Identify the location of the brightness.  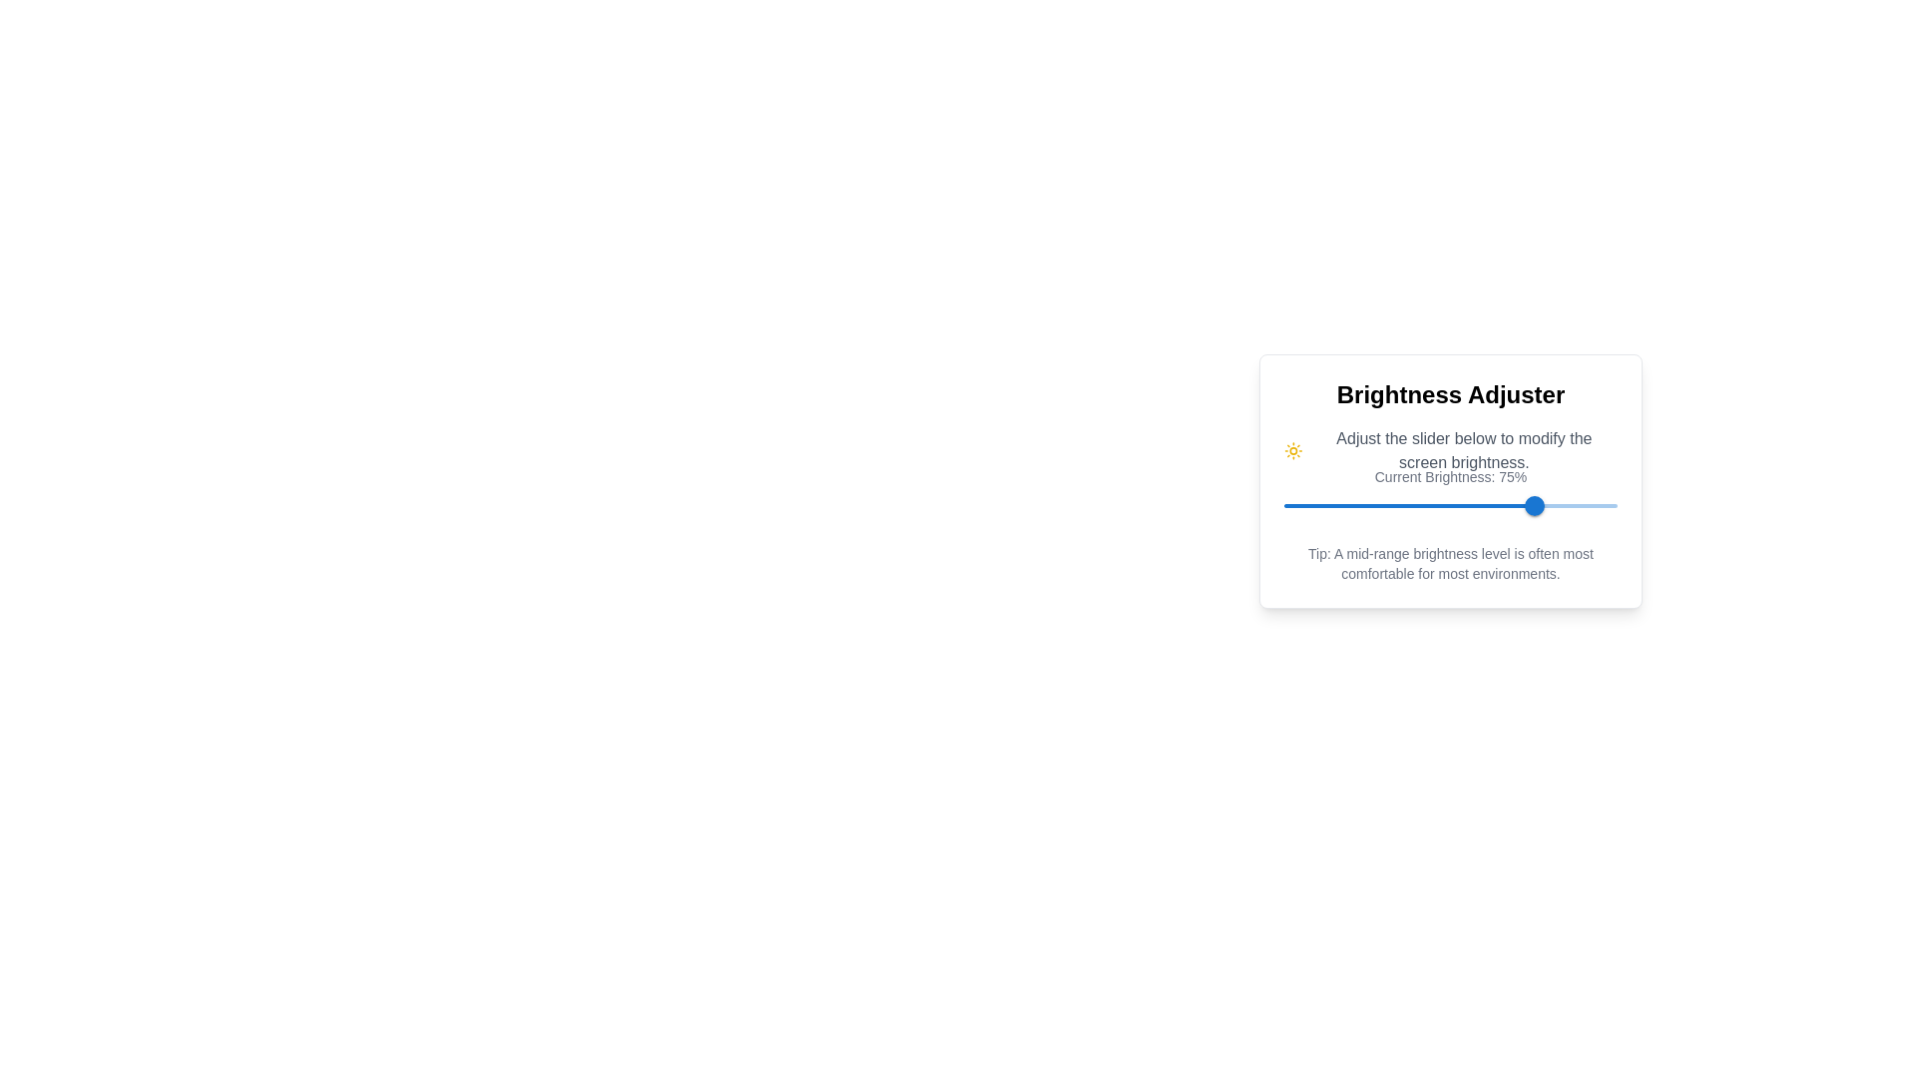
(1334, 504).